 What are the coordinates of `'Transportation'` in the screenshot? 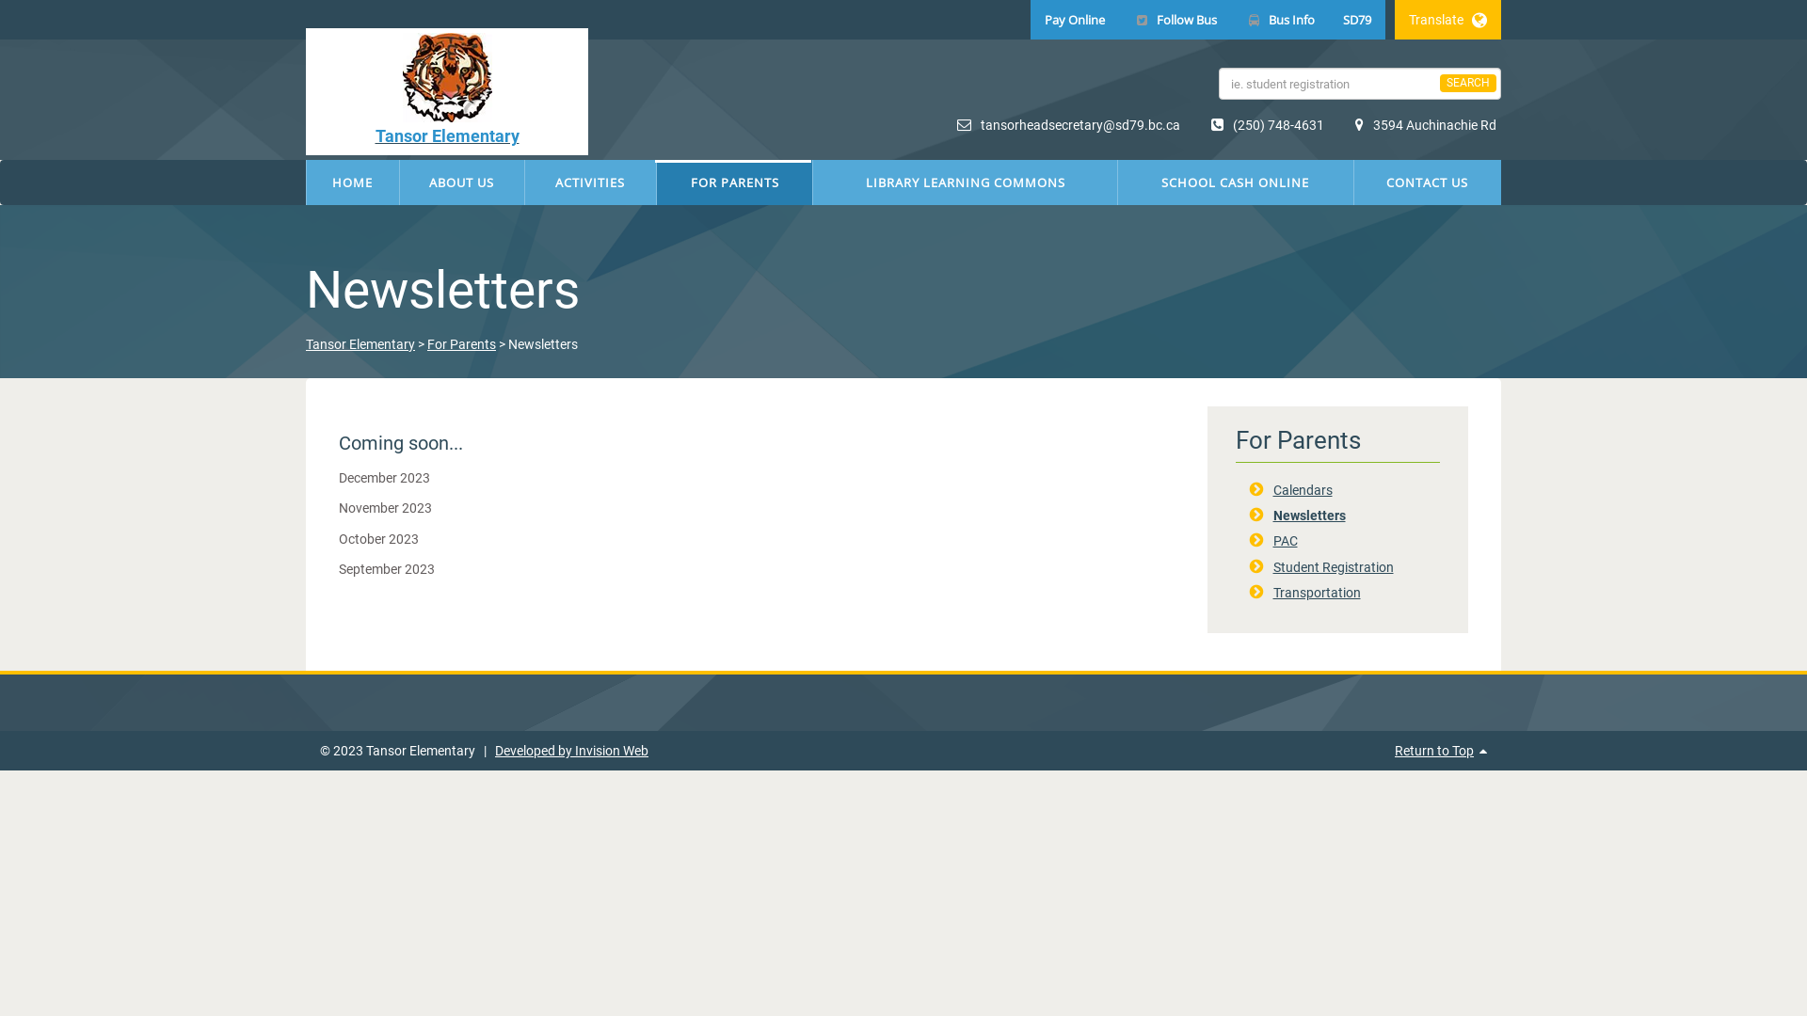 It's located at (1315, 591).